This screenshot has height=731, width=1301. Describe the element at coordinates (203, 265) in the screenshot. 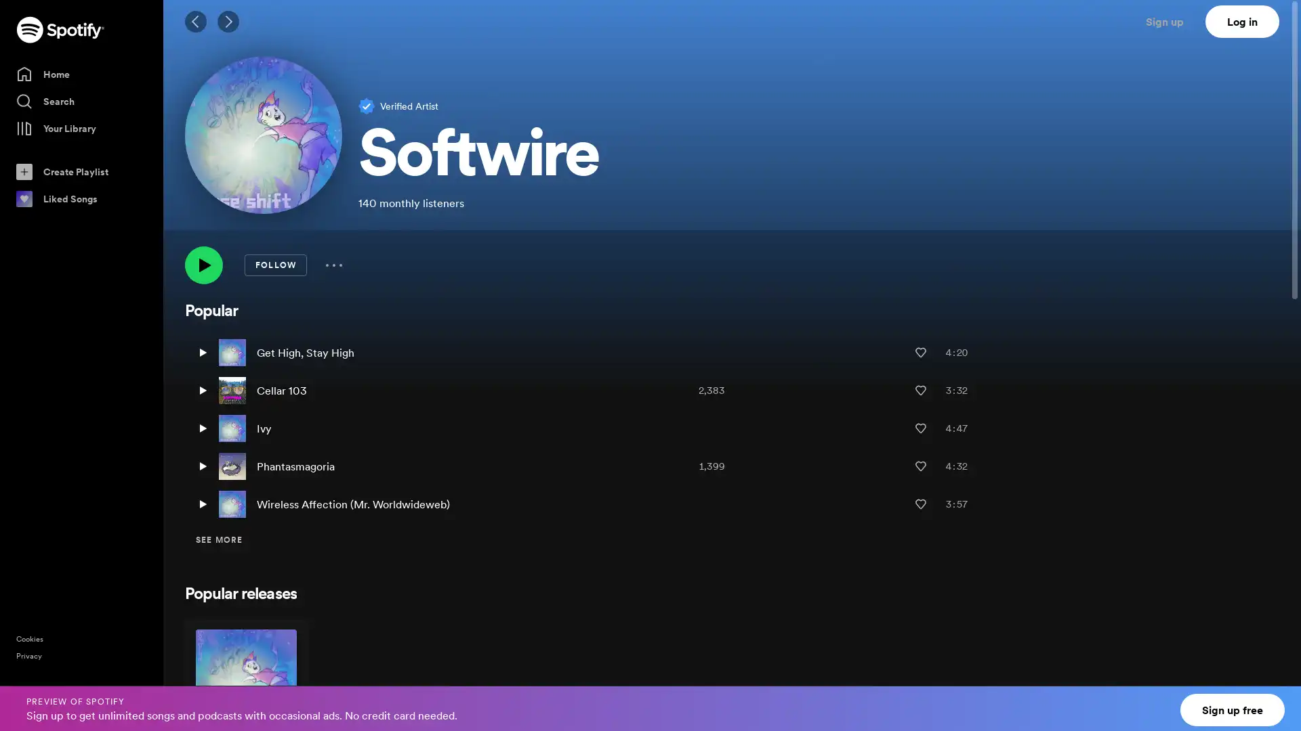

I see `Play` at that location.